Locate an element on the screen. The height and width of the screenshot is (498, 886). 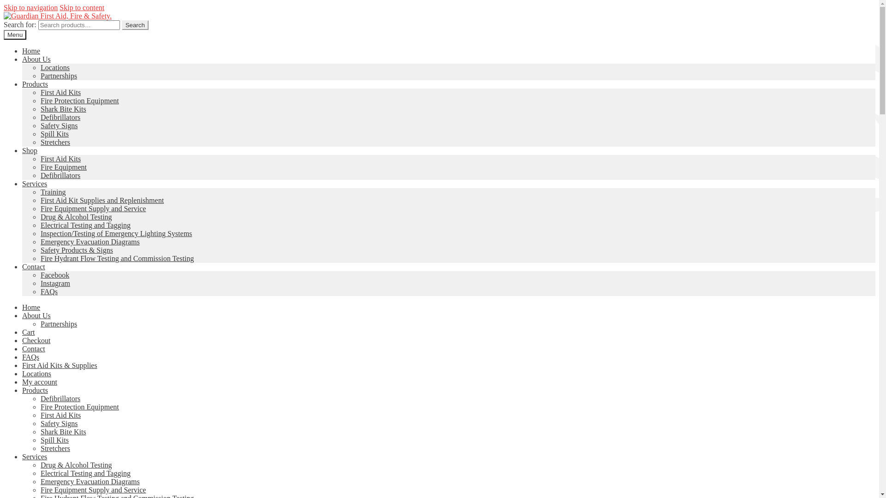
'Electrical Testing and Tagging' is located at coordinates (85, 473).